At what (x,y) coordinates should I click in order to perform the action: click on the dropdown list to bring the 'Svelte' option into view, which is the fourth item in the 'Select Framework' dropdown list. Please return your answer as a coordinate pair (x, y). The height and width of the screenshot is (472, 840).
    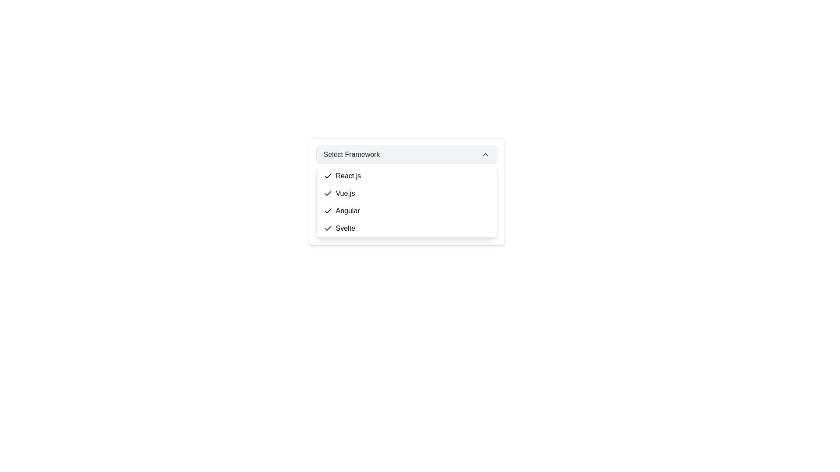
    Looking at the image, I should click on (406, 228).